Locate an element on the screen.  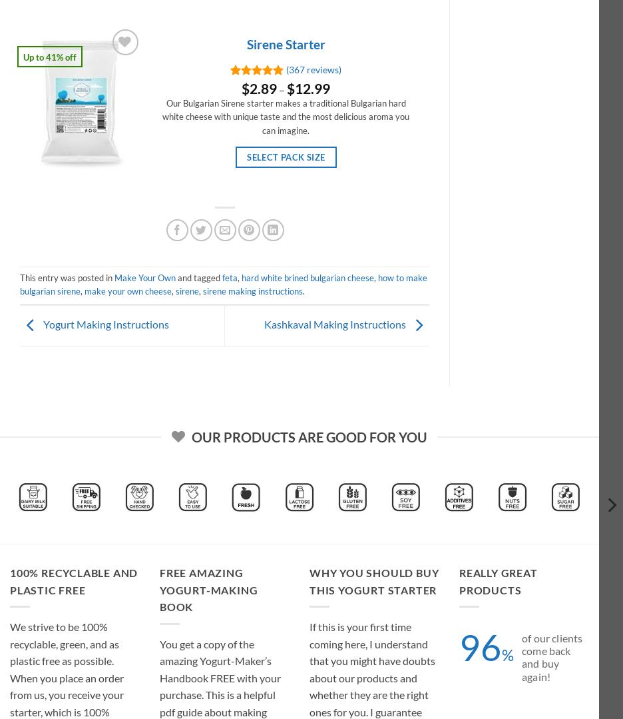
'make your own cheese' is located at coordinates (127, 291).